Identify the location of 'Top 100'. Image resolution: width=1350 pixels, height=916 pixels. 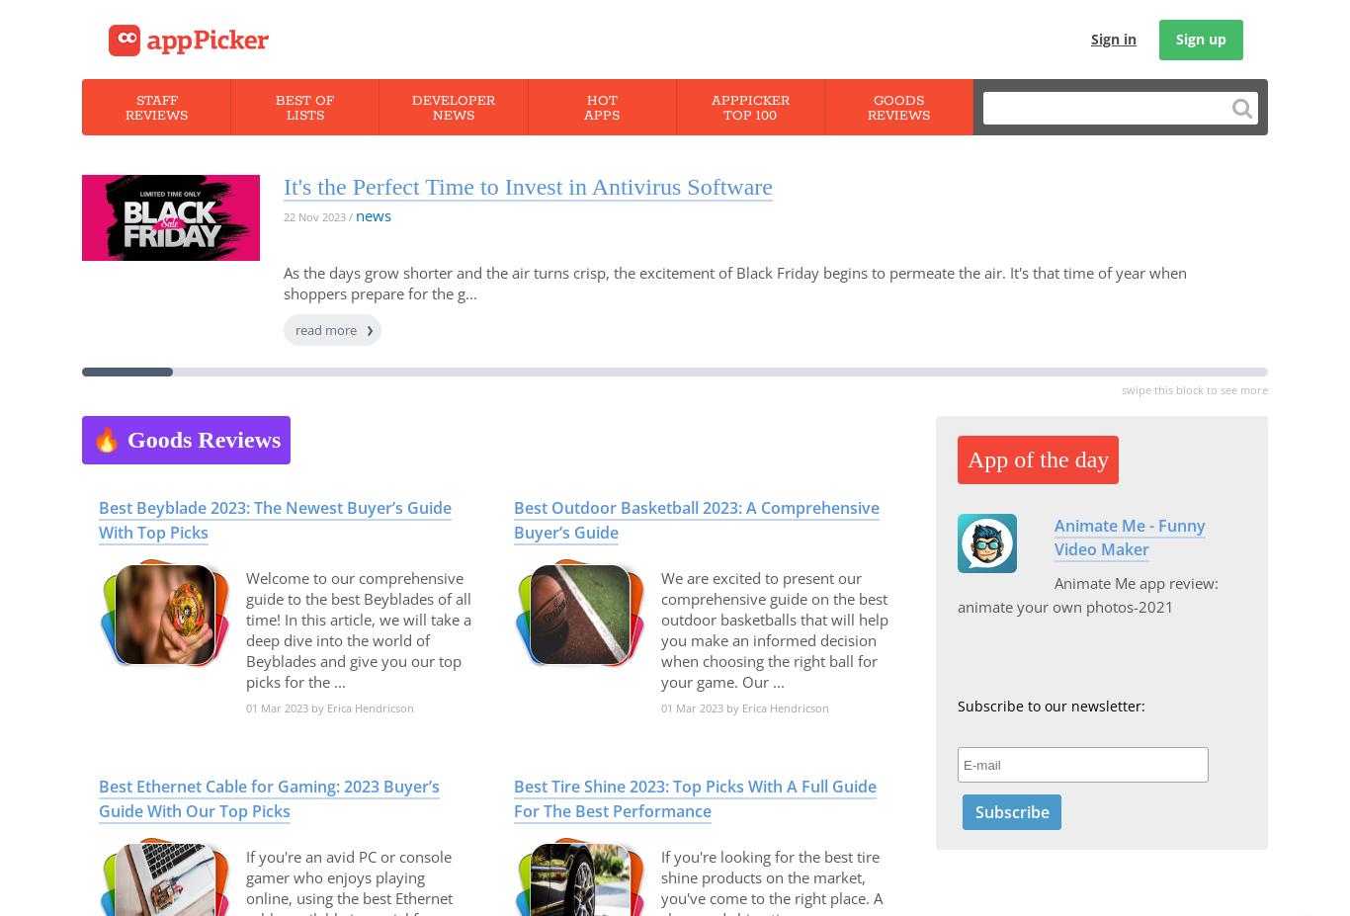
(749, 115).